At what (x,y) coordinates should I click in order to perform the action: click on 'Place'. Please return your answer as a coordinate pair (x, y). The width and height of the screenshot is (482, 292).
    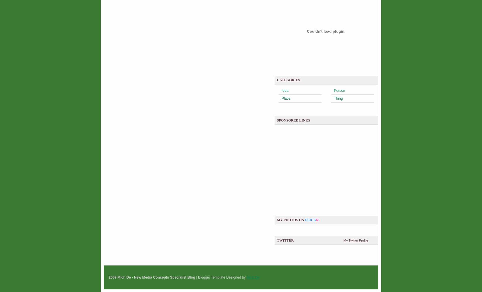
    Looking at the image, I should click on (286, 98).